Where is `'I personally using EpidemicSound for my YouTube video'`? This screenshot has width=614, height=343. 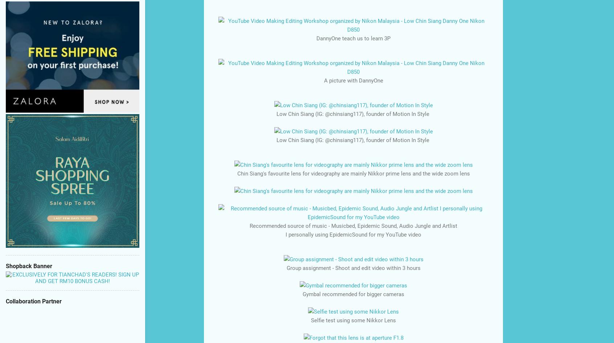 'I personally using EpidemicSound for my YouTube video' is located at coordinates (285, 234).